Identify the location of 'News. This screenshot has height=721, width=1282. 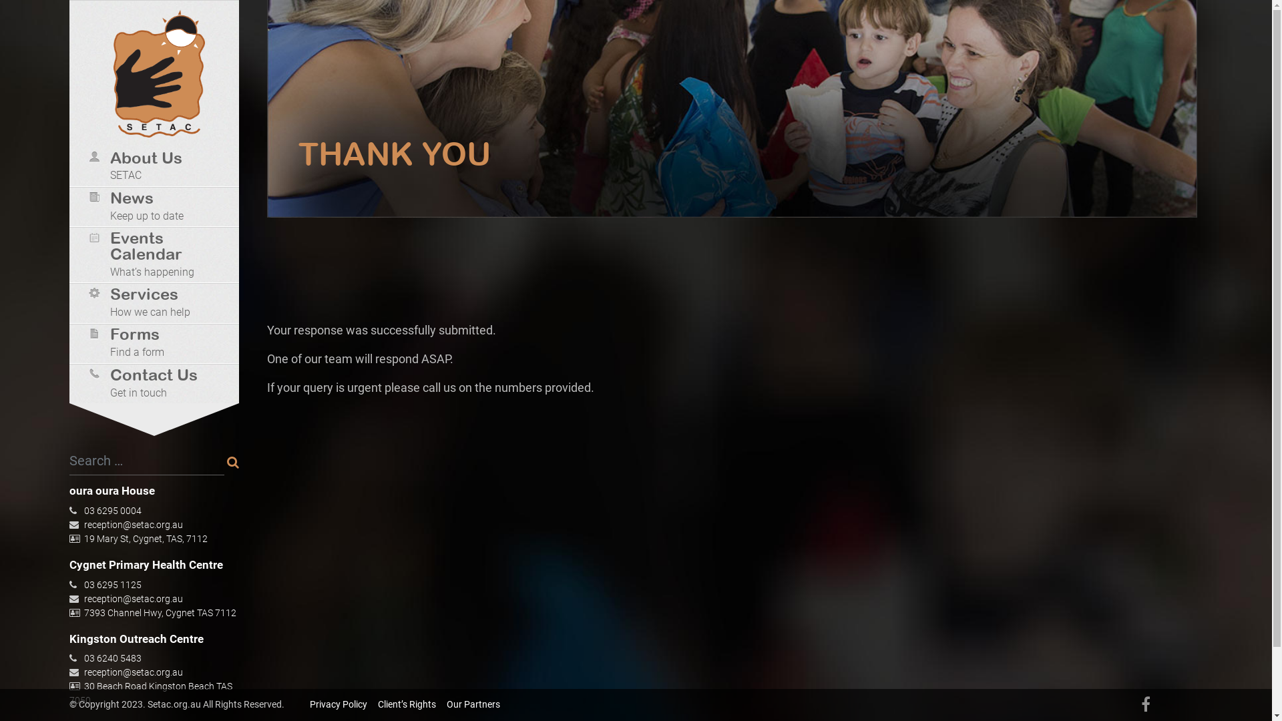
(159, 208).